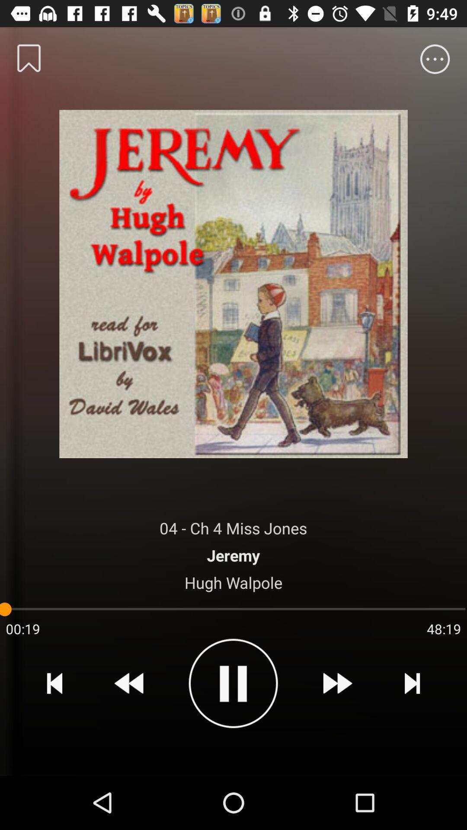 The width and height of the screenshot is (467, 830). I want to click on hugh walpole icon, so click(233, 582).